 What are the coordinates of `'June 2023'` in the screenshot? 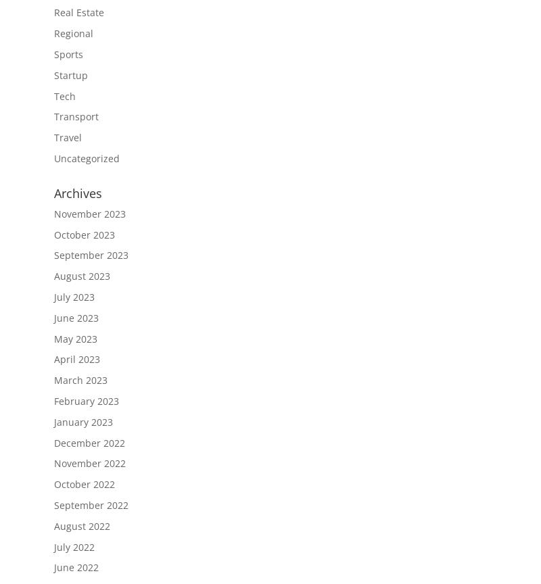 It's located at (54, 317).